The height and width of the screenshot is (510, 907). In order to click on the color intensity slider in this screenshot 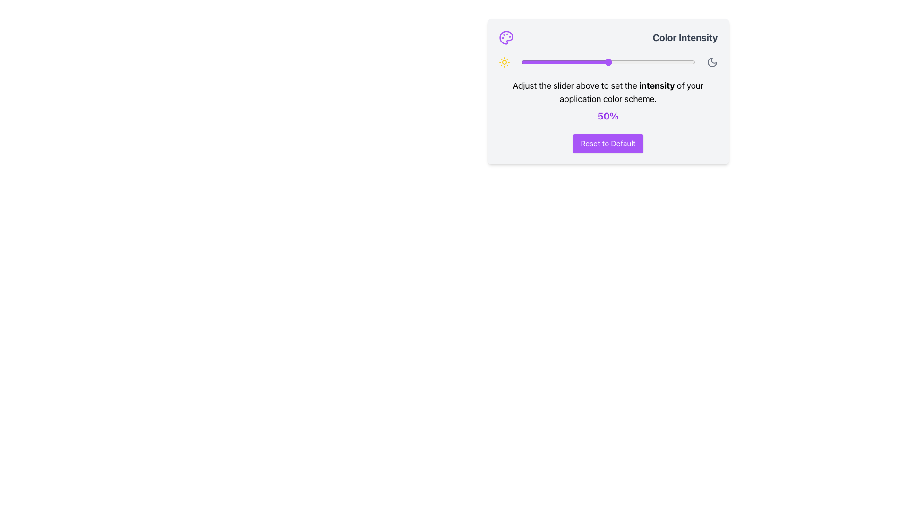, I will do `click(595, 62)`.